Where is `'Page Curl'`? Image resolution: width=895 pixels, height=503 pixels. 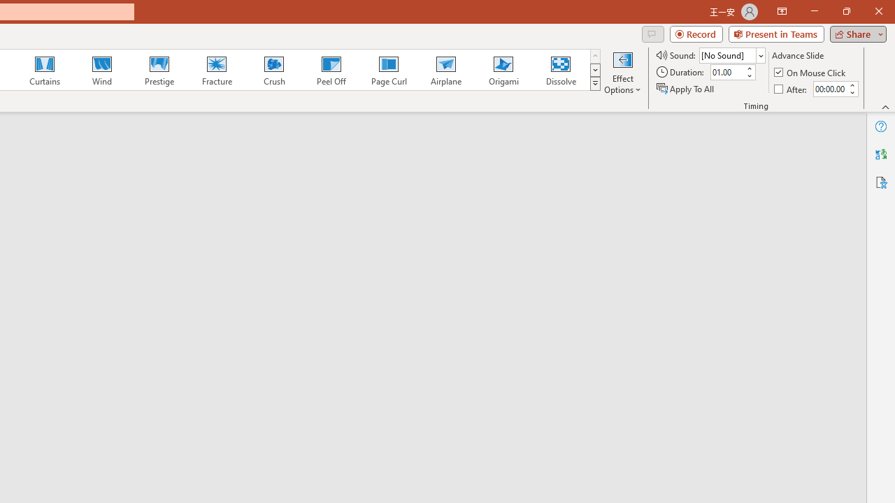 'Page Curl' is located at coordinates (388, 70).